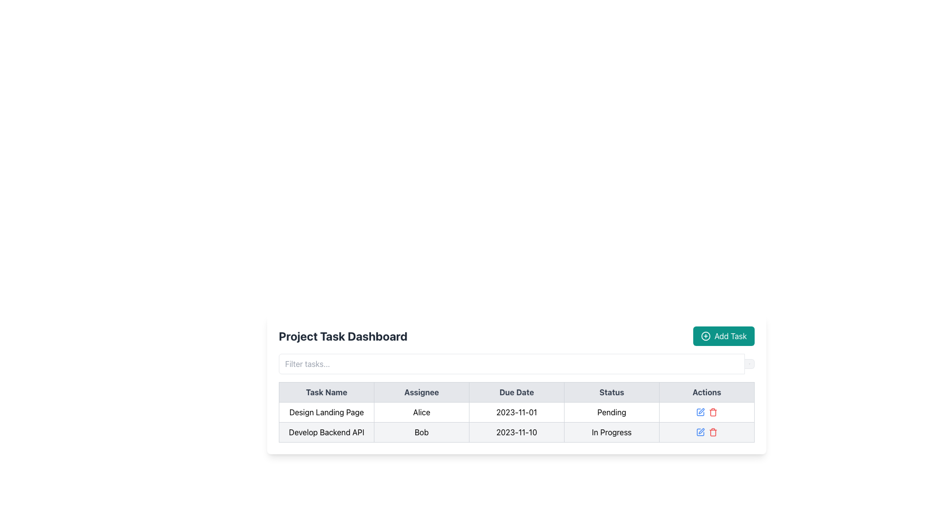  What do you see at coordinates (327, 412) in the screenshot?
I see `text of the 'Design Landing Page' label located in the 'Task Name' column of the project task dashboard table` at bounding box center [327, 412].